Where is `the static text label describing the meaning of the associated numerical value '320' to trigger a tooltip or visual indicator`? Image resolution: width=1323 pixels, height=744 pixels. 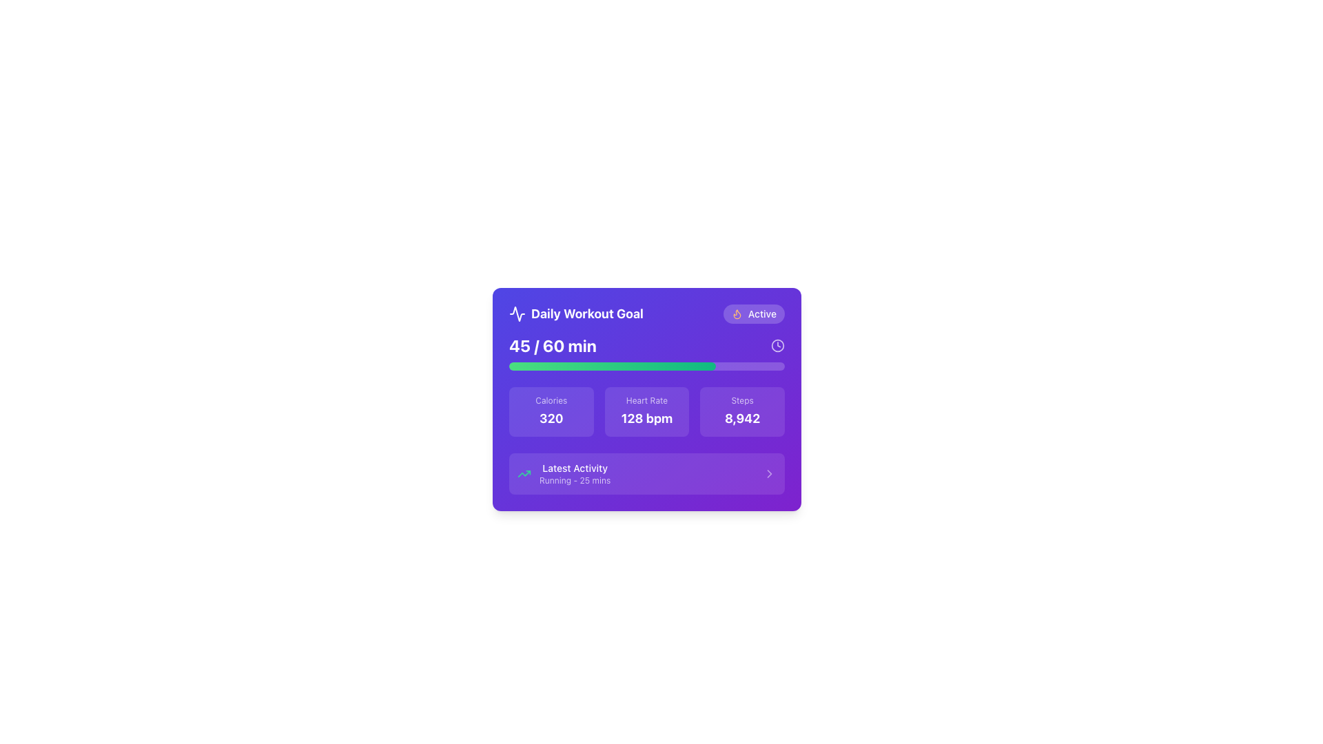
the static text label describing the meaning of the associated numerical value '320' to trigger a tooltip or visual indicator is located at coordinates (551, 401).